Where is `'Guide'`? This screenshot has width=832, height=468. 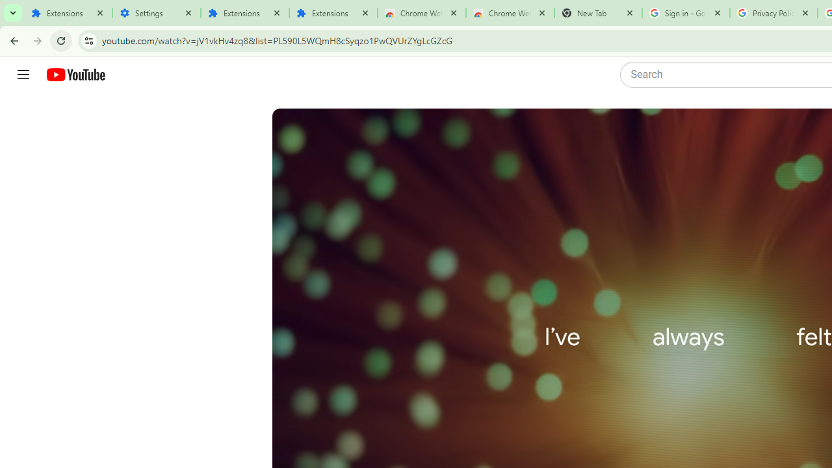 'Guide' is located at coordinates (23, 75).